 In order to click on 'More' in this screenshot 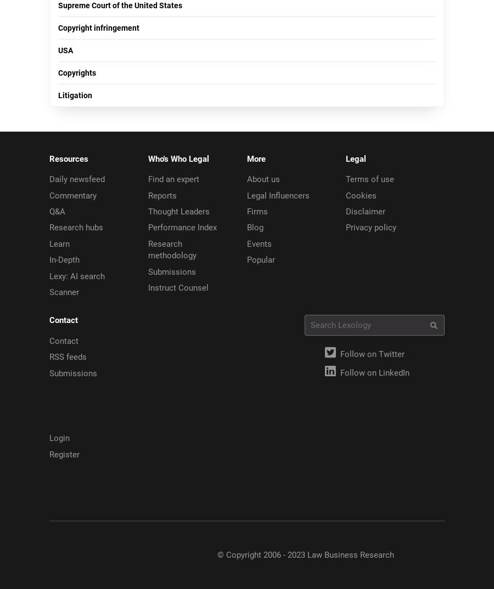, I will do `click(256, 158)`.